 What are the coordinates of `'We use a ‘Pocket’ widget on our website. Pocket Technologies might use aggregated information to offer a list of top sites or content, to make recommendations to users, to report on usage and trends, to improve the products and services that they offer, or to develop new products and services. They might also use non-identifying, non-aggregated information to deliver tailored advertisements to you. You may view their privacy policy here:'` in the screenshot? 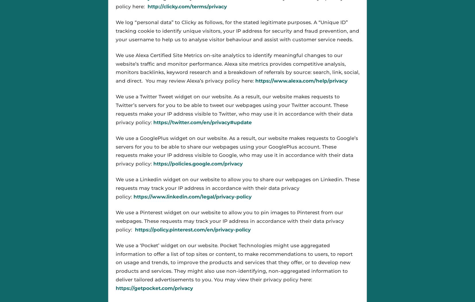 It's located at (234, 262).